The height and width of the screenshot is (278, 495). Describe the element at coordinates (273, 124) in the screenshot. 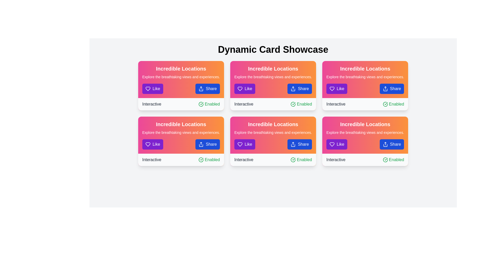

I see `the main title text label at the top of the card, which summarizes the key idea of the card's content` at that location.